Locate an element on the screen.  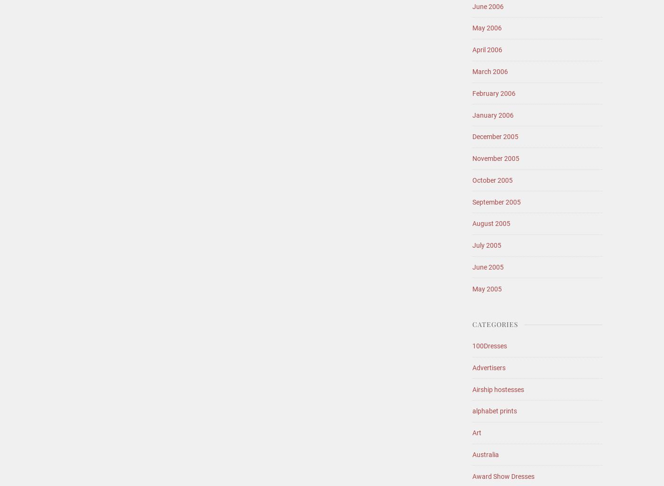
'September 2005' is located at coordinates (497, 201).